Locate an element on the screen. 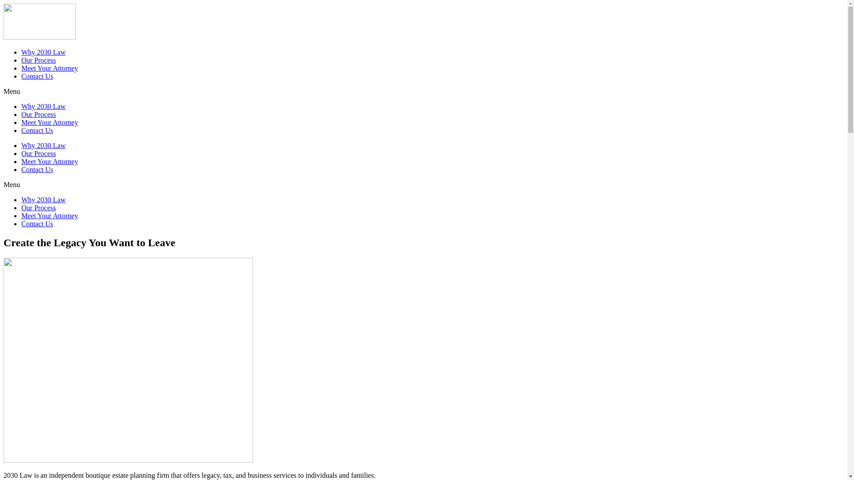 This screenshot has height=480, width=854. 'Meet Your Attorney' is located at coordinates (49, 122).